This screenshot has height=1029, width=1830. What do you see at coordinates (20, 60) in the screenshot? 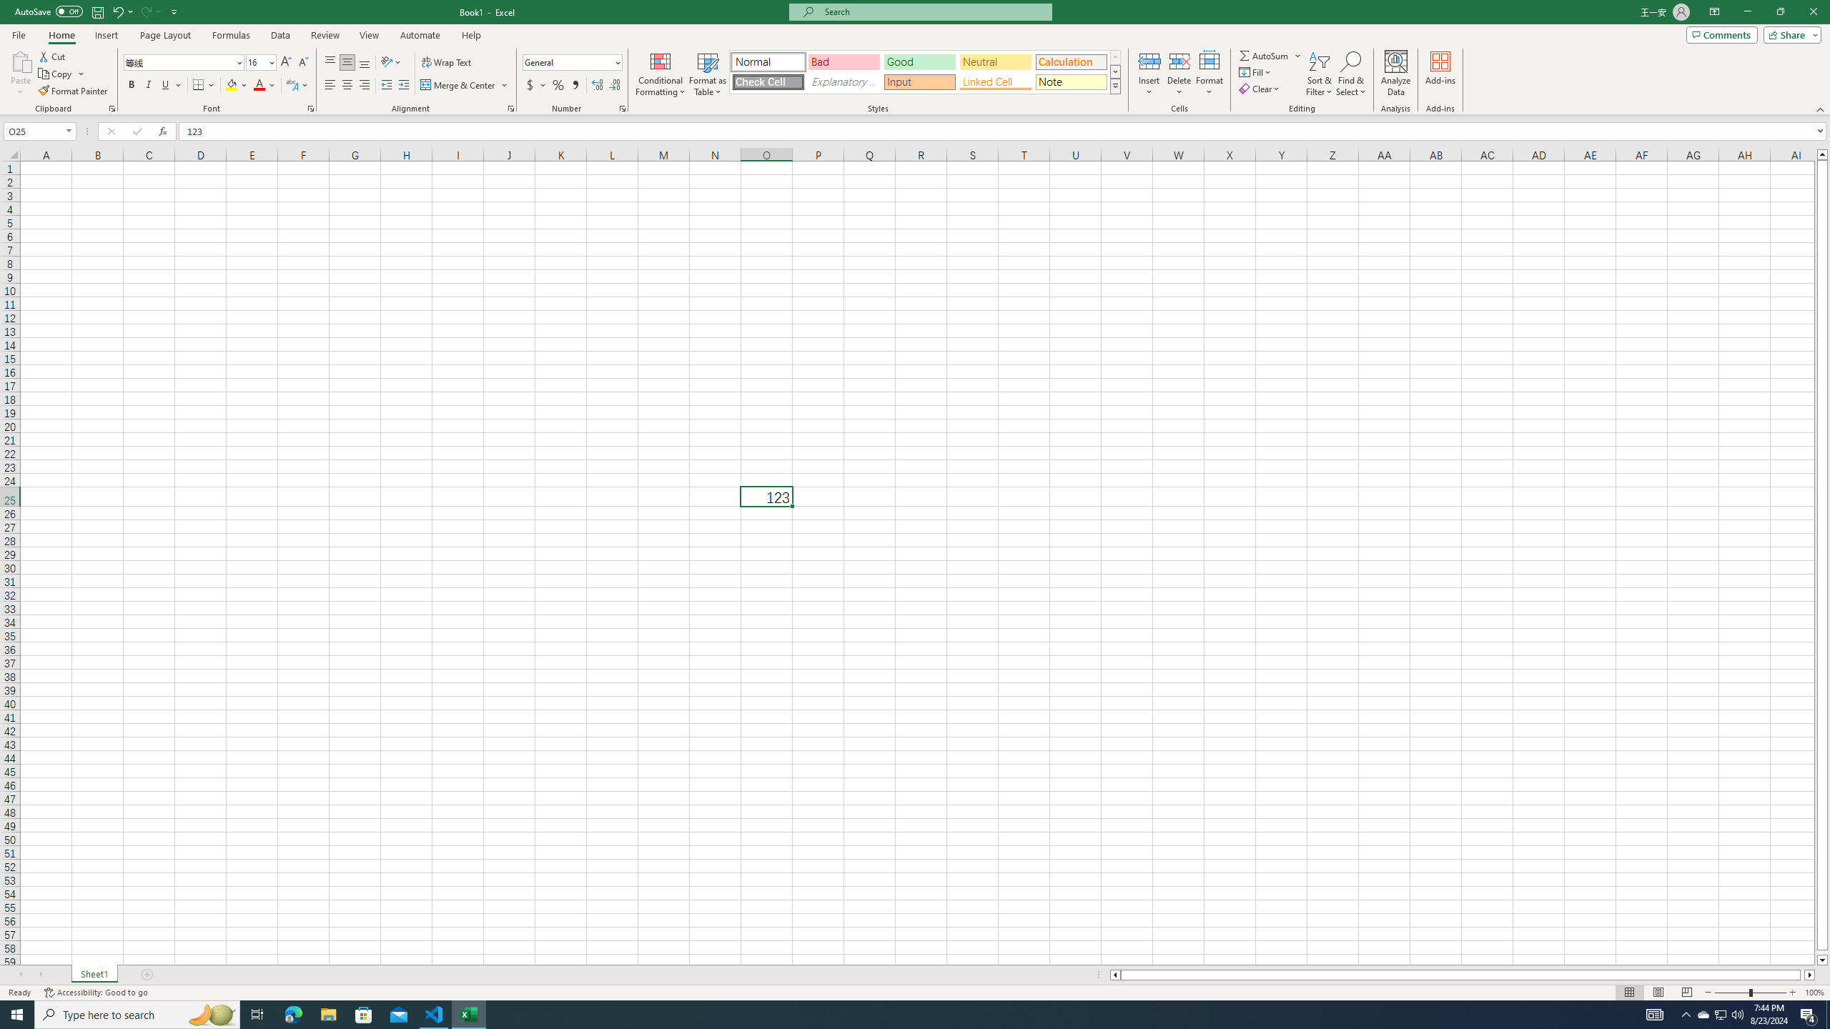
I see `'Paste'` at bounding box center [20, 60].